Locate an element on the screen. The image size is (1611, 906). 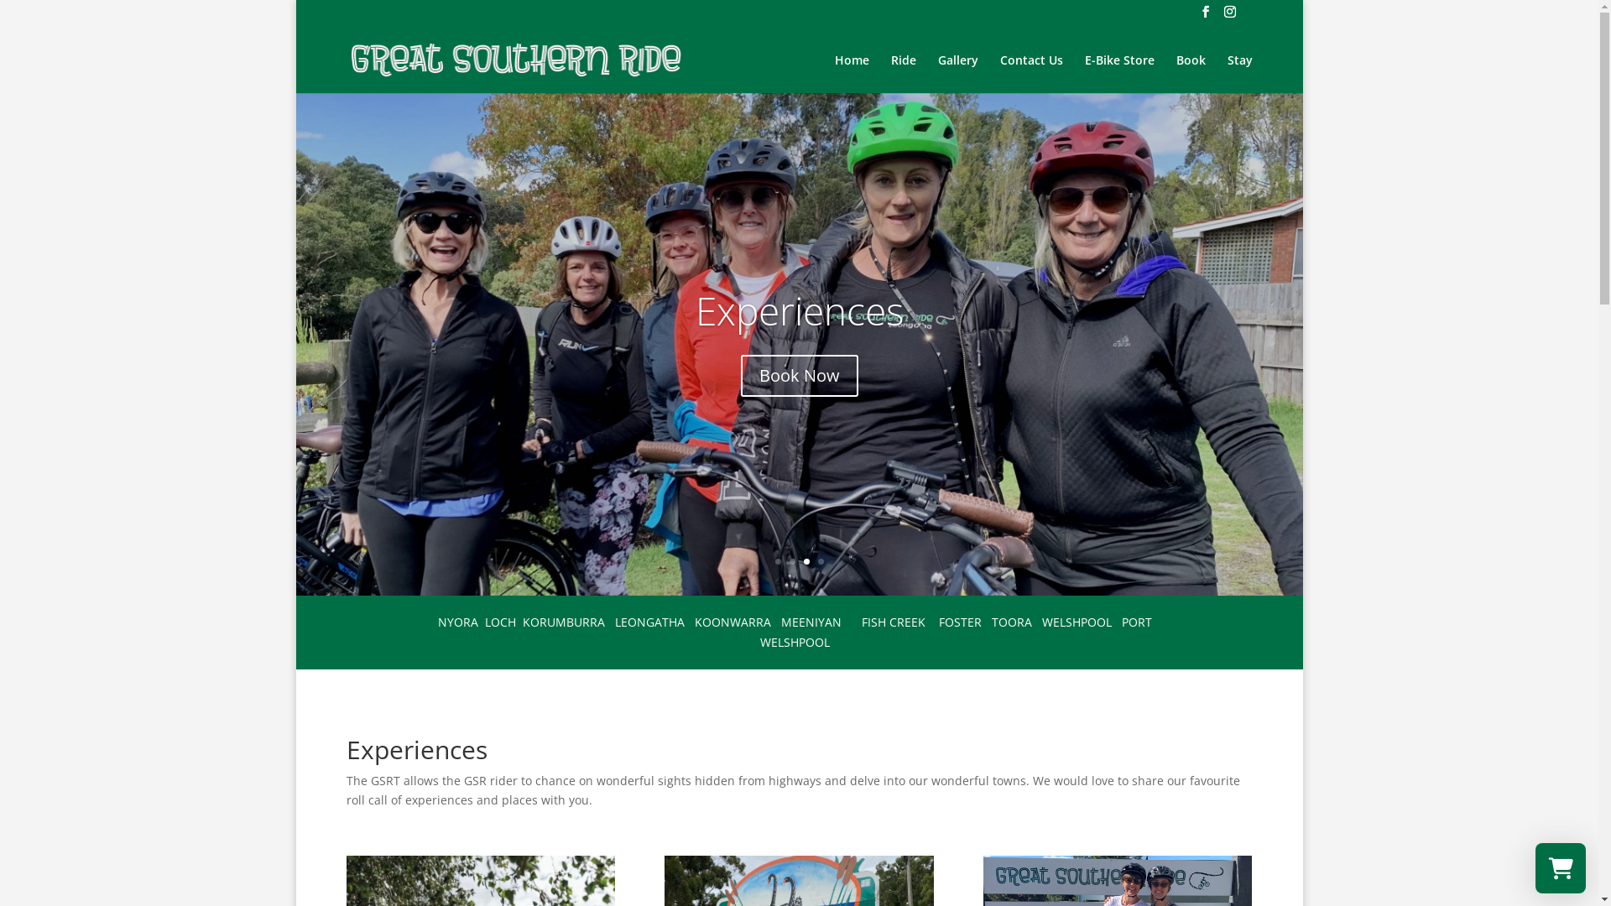
'Home' is located at coordinates (833, 72).